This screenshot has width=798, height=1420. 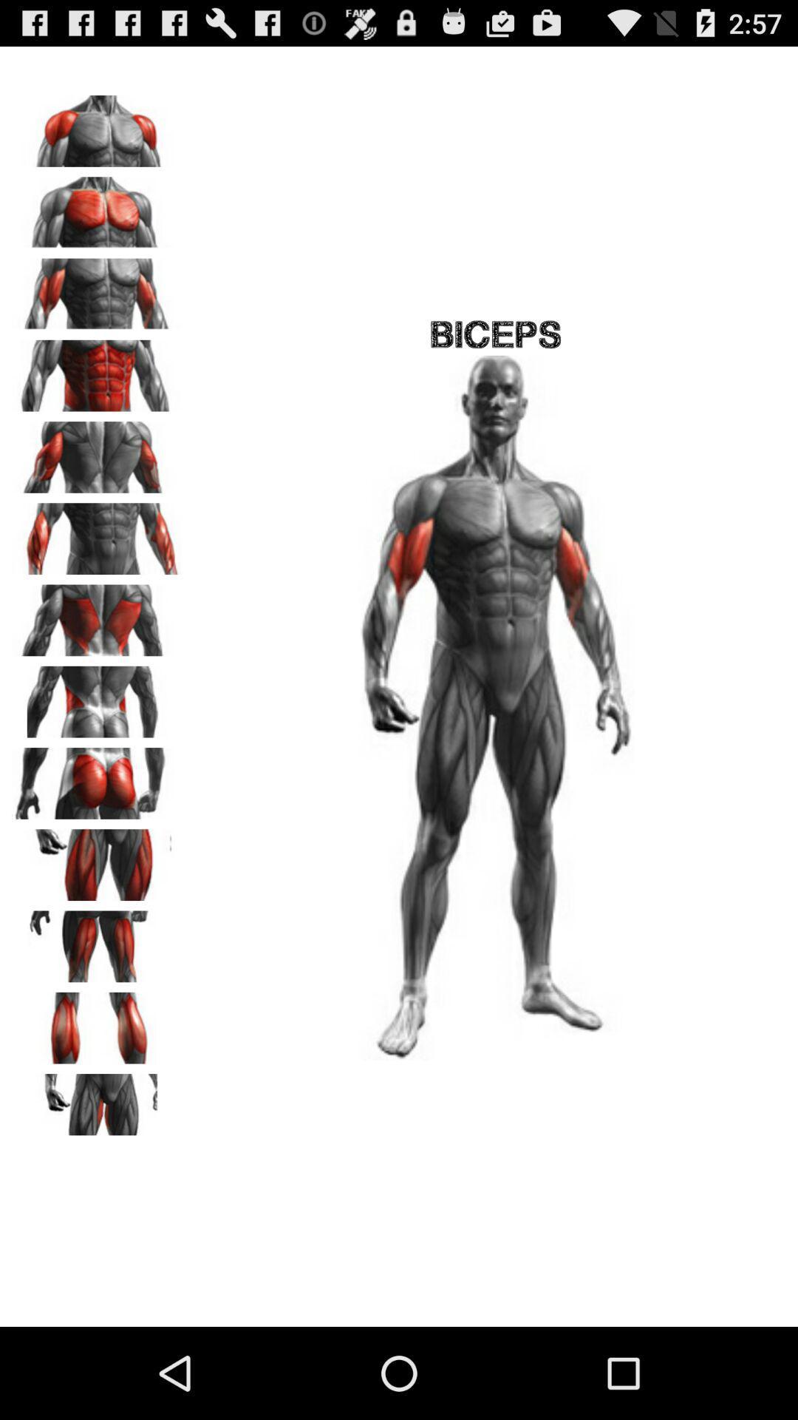 I want to click on body image, so click(x=97, y=289).